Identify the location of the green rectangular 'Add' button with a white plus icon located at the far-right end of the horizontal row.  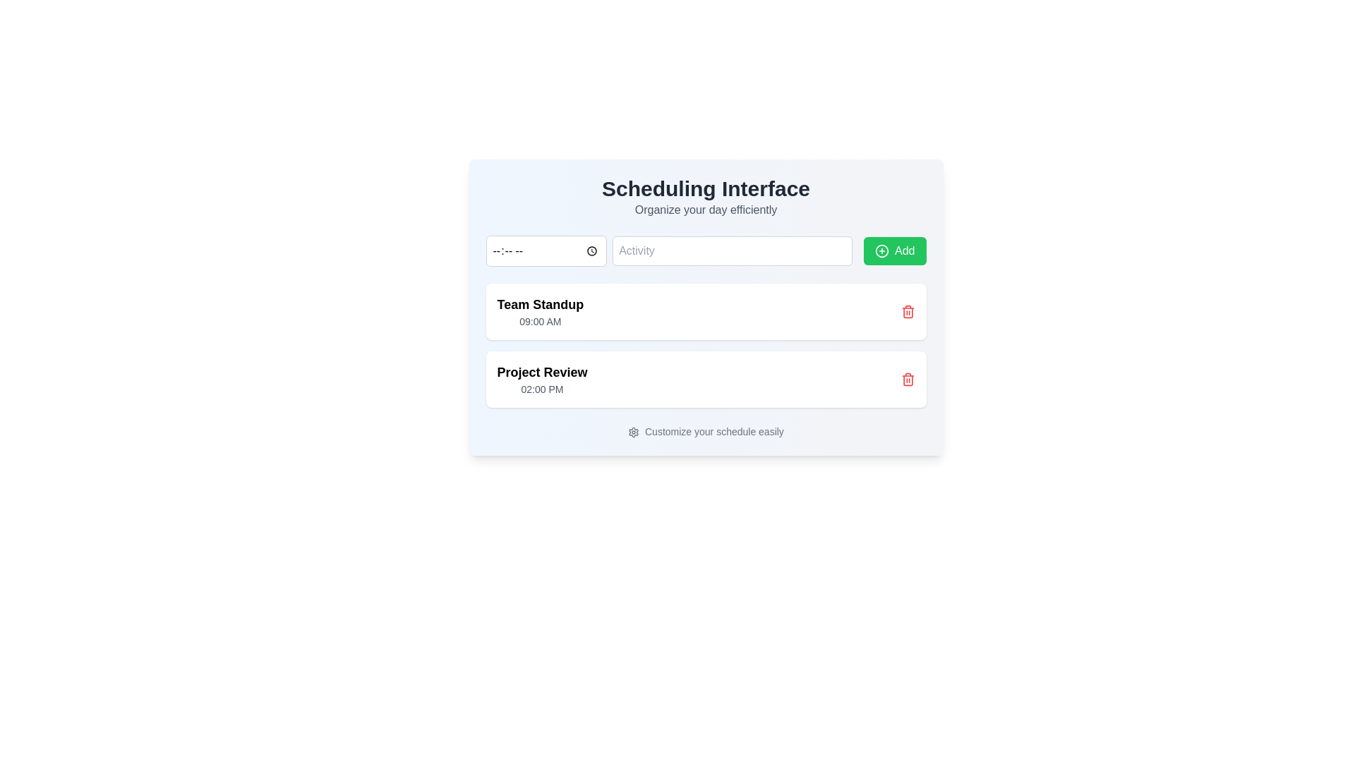
(893, 250).